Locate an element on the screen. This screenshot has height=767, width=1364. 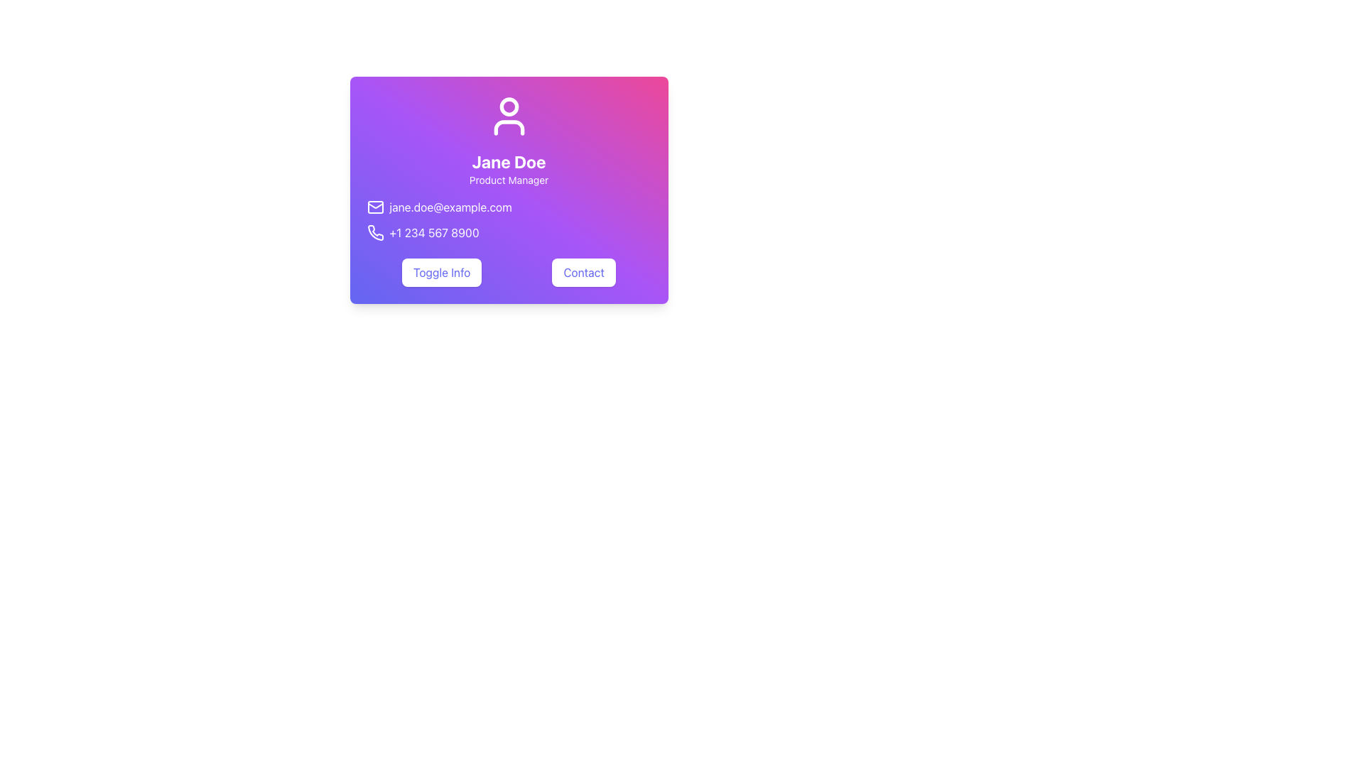
the circle SVG element located at the top of the profile card, which is part of a user icon with a gradient purple background is located at coordinates (509, 106).